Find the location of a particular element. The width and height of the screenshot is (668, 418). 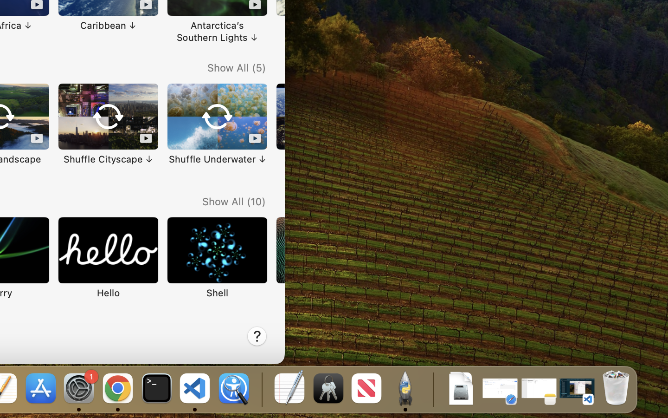

'0.4285714328289032' is located at coordinates (261, 389).